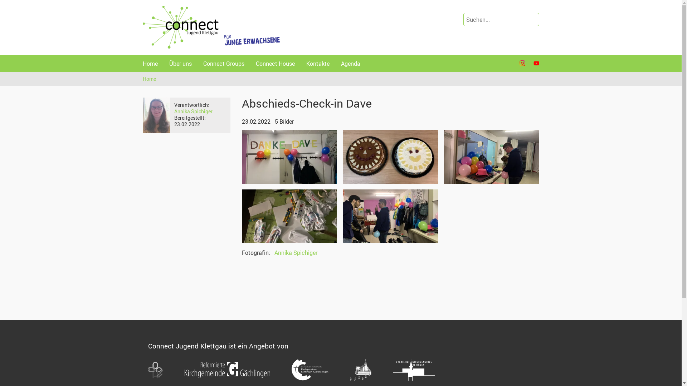  What do you see at coordinates (289, 216) in the screenshot?
I see `'Socken (Foto: Annika Spichiger)'` at bounding box center [289, 216].